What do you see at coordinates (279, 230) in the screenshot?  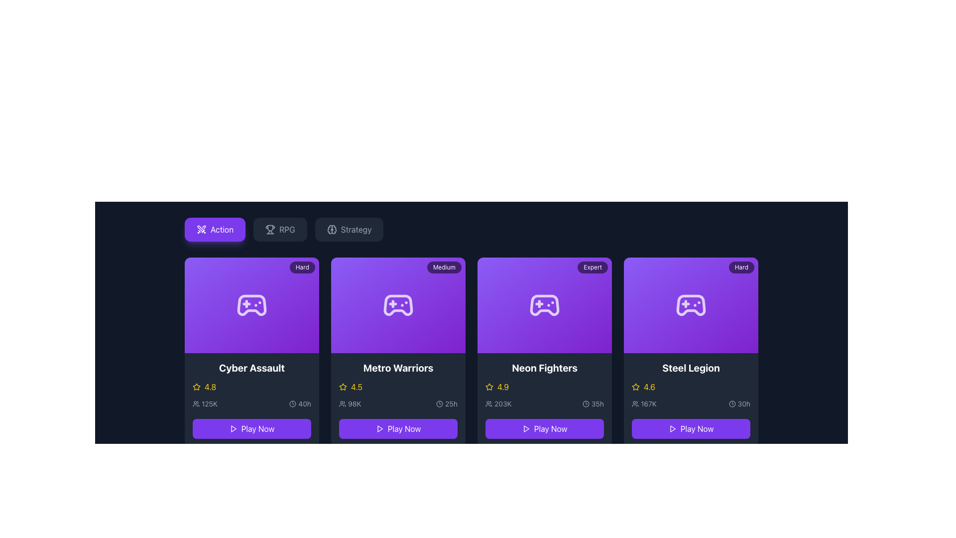 I see `the second button in a horizontal row of buttons located in the upper central part of the interface` at bounding box center [279, 230].